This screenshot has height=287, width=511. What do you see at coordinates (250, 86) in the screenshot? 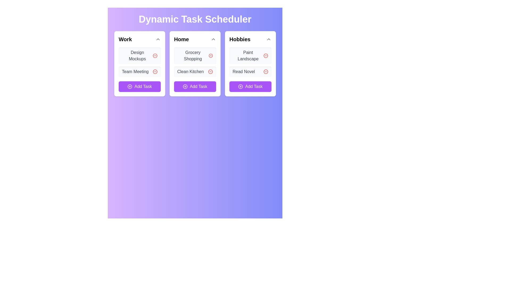
I see `the button used to add a new task to the 'Hobbies' category, located at the bottom of the 'Hobbies' section, to change its shade` at bounding box center [250, 86].